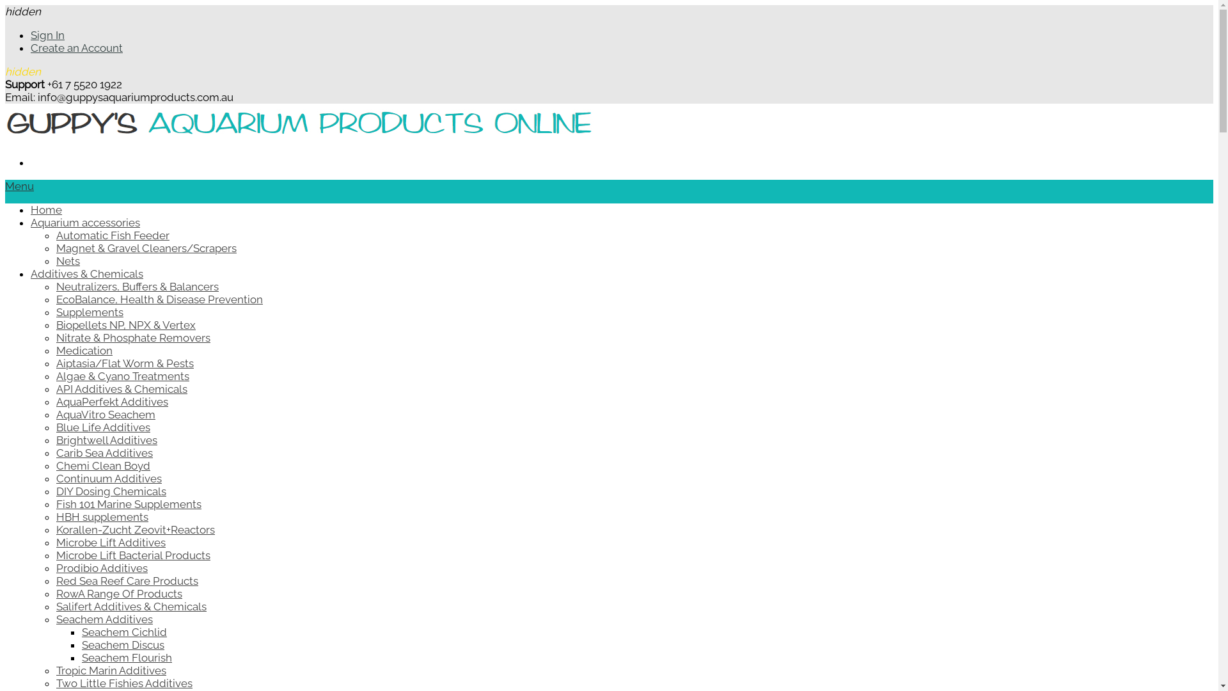  Describe the element at coordinates (55, 490) in the screenshot. I see `'DIY Dosing Chemicals'` at that location.